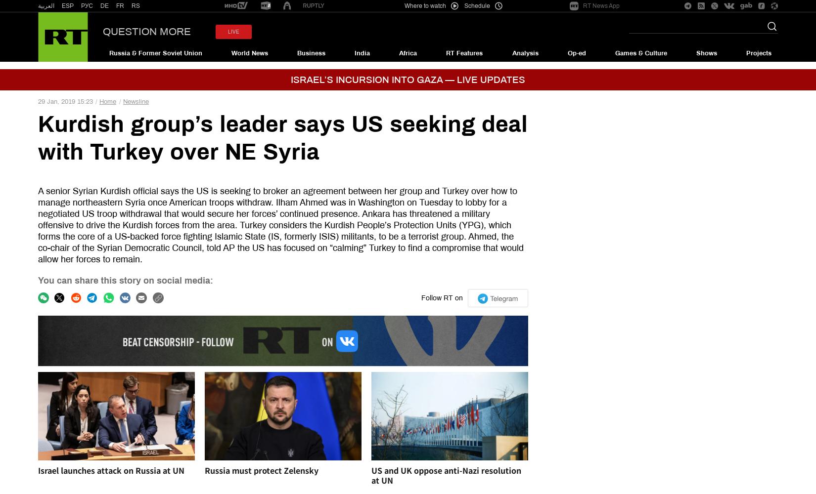 The image size is (816, 494). Describe the element at coordinates (123, 101) in the screenshot. I see `'Newsline'` at that location.